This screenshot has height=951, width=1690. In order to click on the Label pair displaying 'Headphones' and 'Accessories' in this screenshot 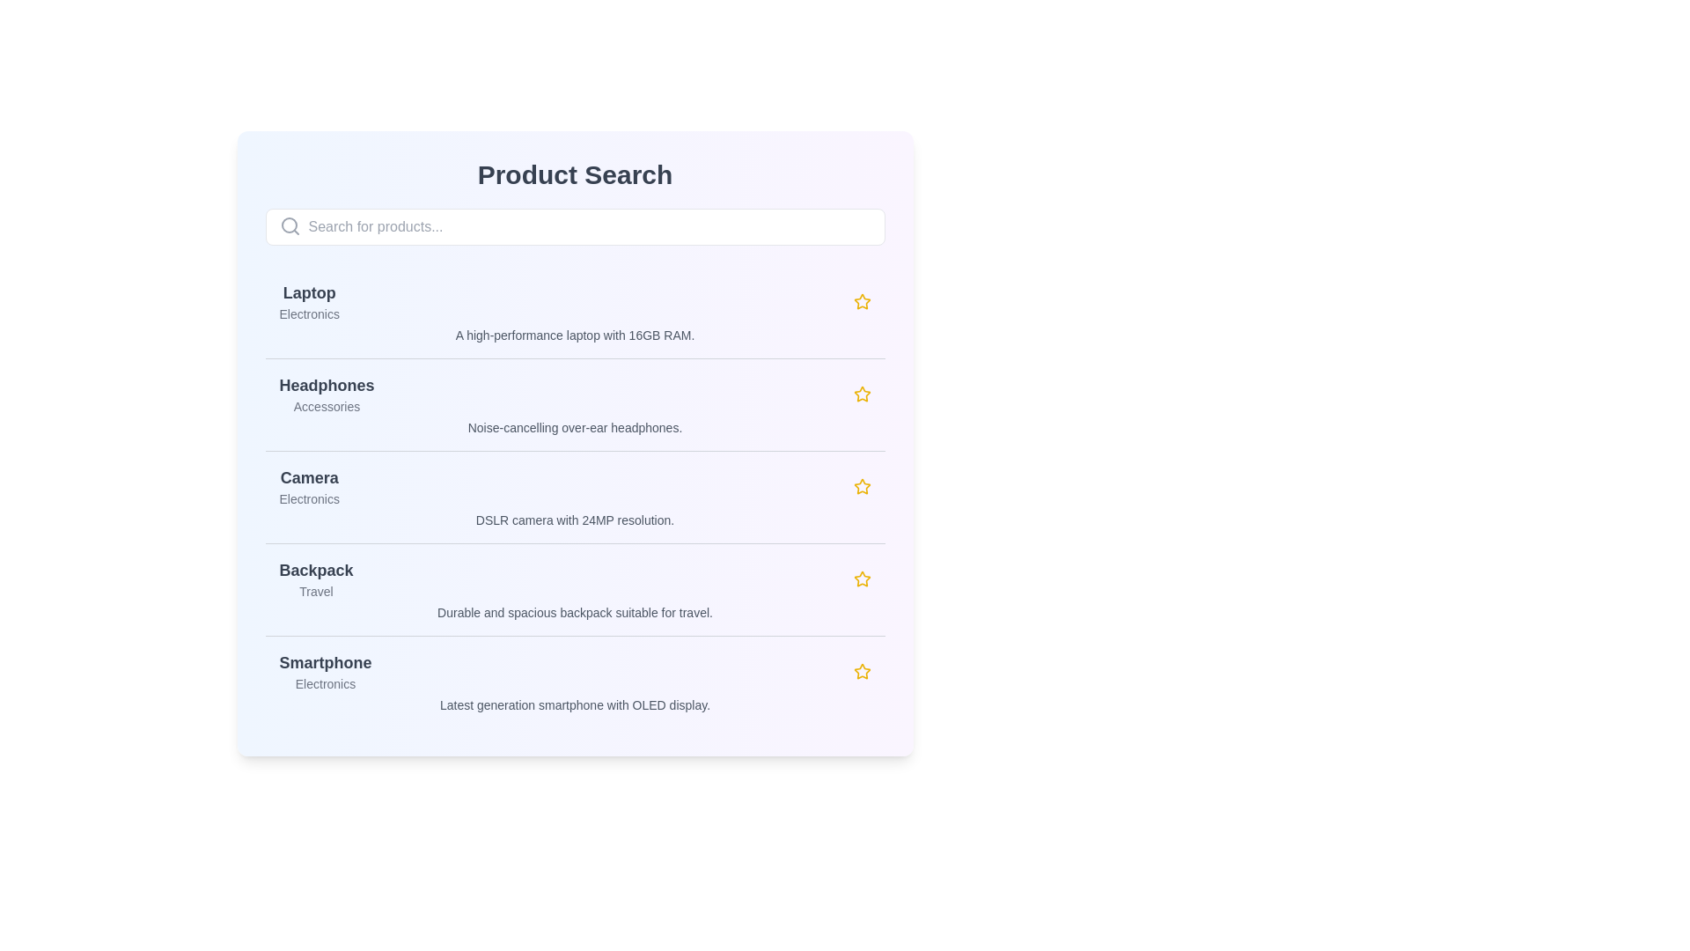, I will do `click(327, 393)`.